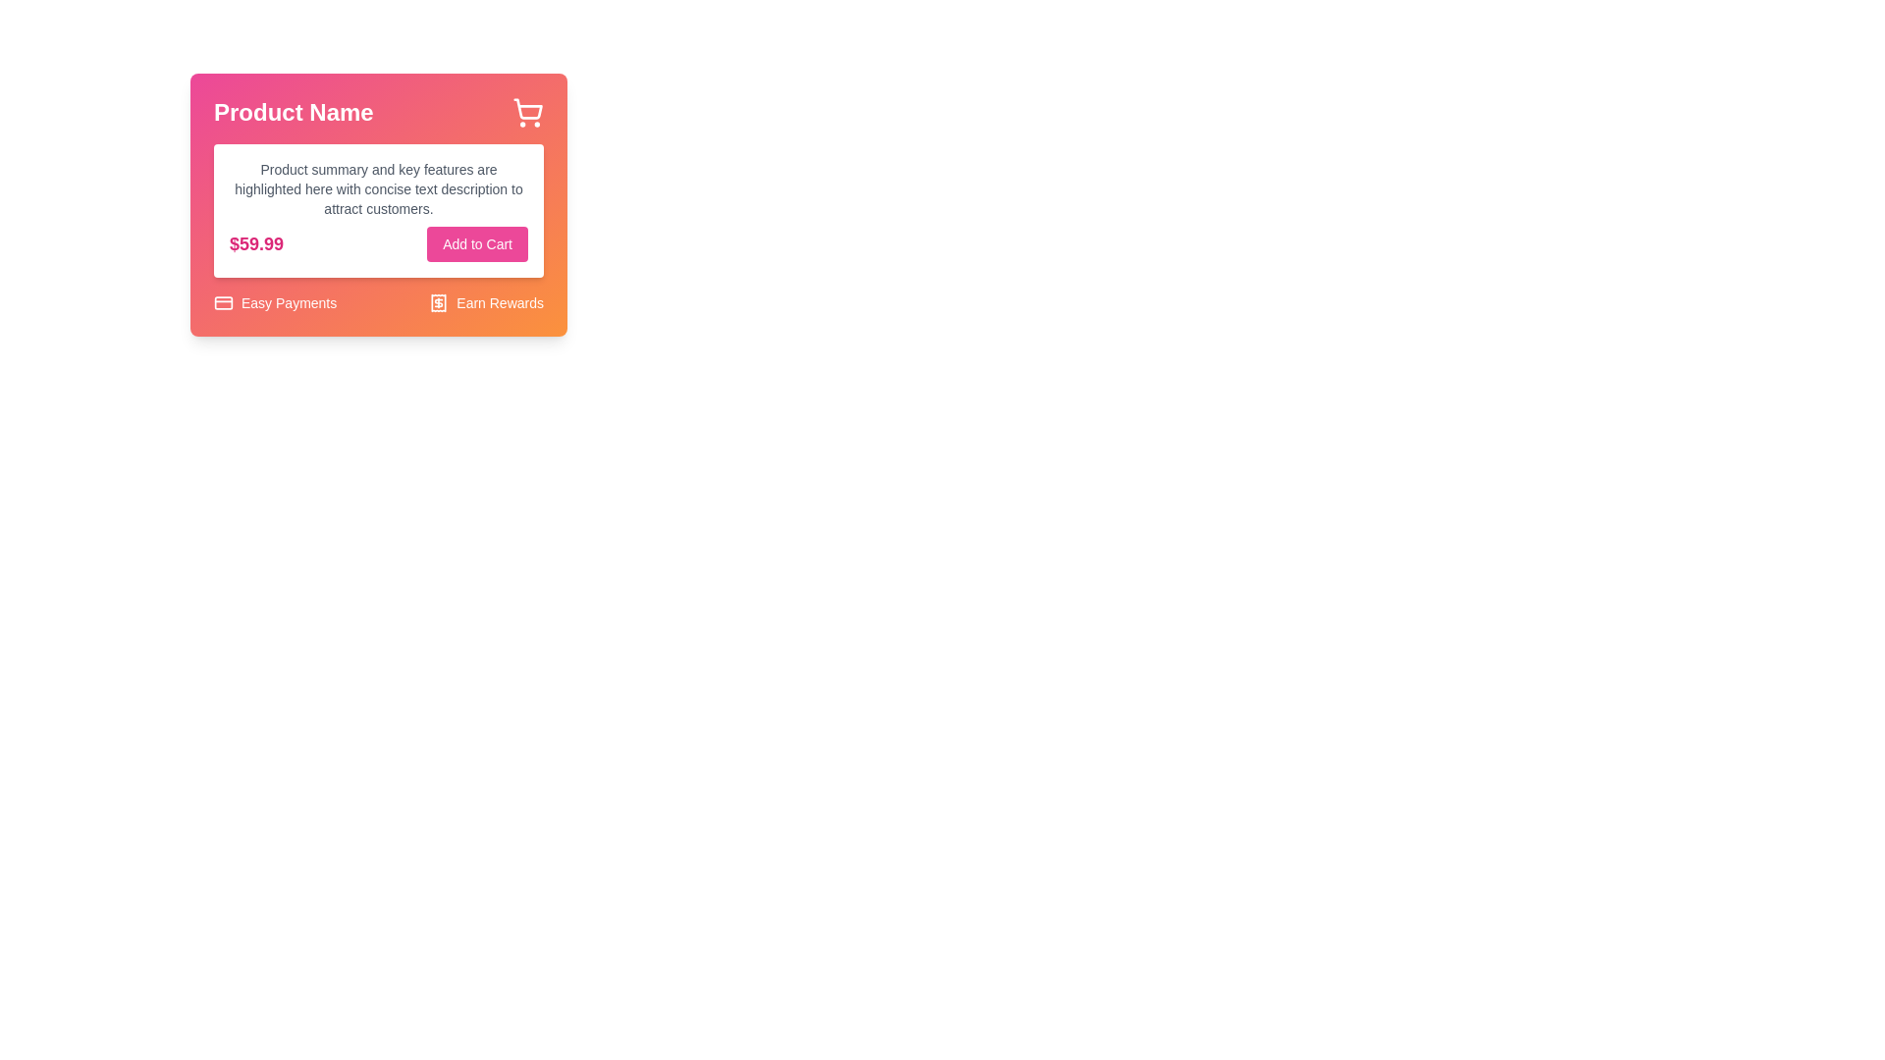 The height and width of the screenshot is (1060, 1885). Describe the element at coordinates (486, 302) in the screenshot. I see `the rewards informational button located at the bottom-right of the highlighted card section` at that location.